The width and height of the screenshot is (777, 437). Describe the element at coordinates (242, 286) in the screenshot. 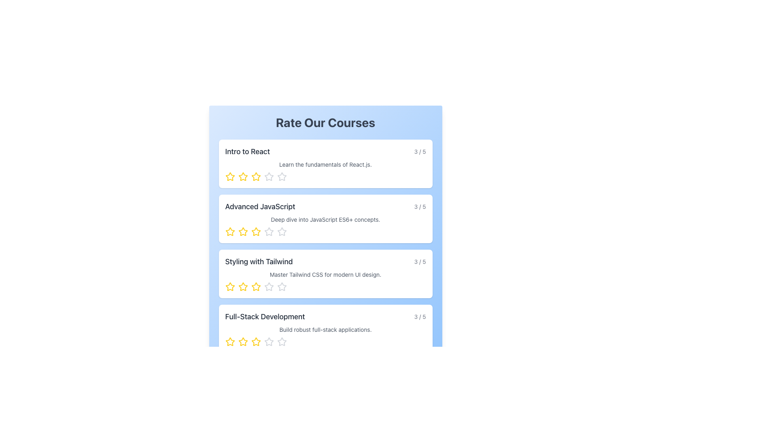

I see `the second star icon in the five-star rating system on the 'Styling with Tailwind' card to give a 2-star rating` at that location.